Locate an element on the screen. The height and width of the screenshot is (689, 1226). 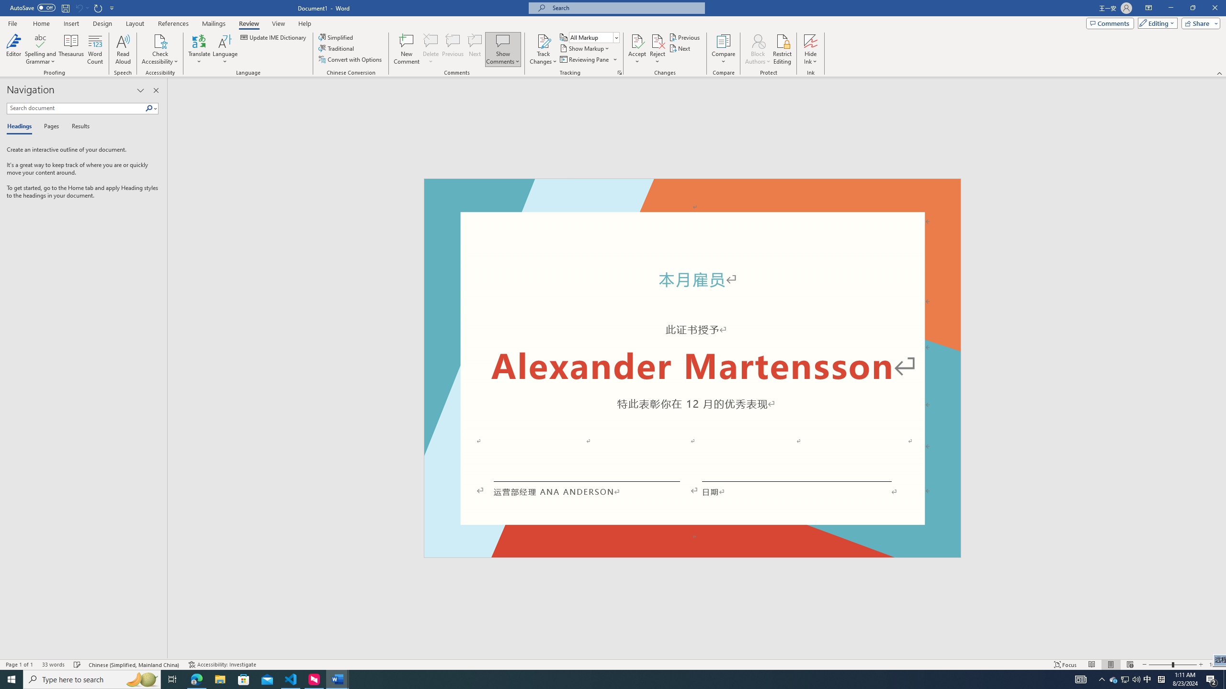
'Show Comments' is located at coordinates (502, 40).